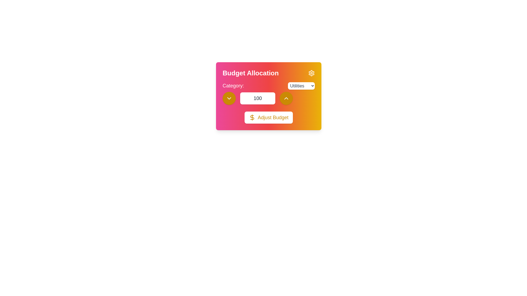 The width and height of the screenshot is (527, 296). What do you see at coordinates (286, 98) in the screenshot?
I see `the button that increases the numeric value in the adjacent input field by one unit to change its appearance` at bounding box center [286, 98].